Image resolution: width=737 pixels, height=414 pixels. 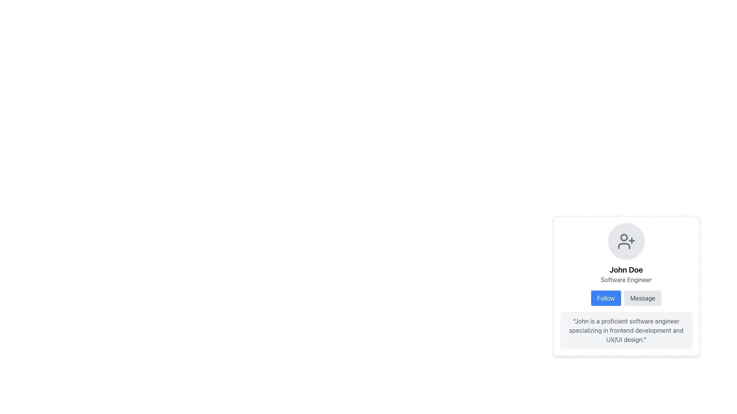 I want to click on the small circular decorative element representing a dot within the user profile icon on the profile card of 'John Doe', so click(x=624, y=237).